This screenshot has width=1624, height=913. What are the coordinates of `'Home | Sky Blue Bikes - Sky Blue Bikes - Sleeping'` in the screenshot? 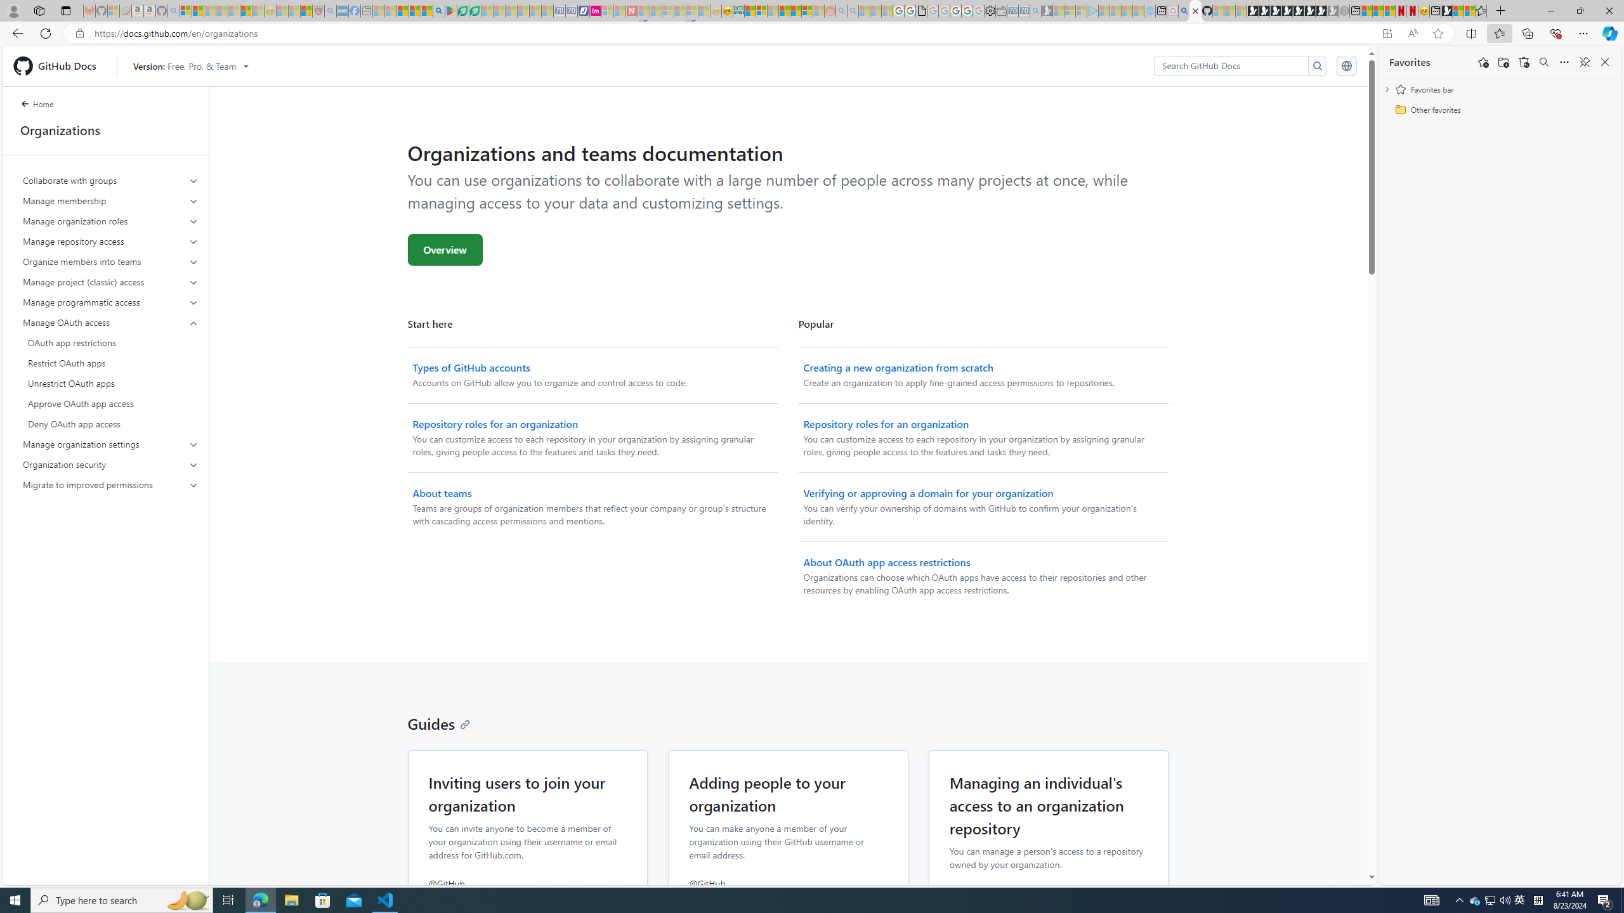 It's located at (1149, 10).